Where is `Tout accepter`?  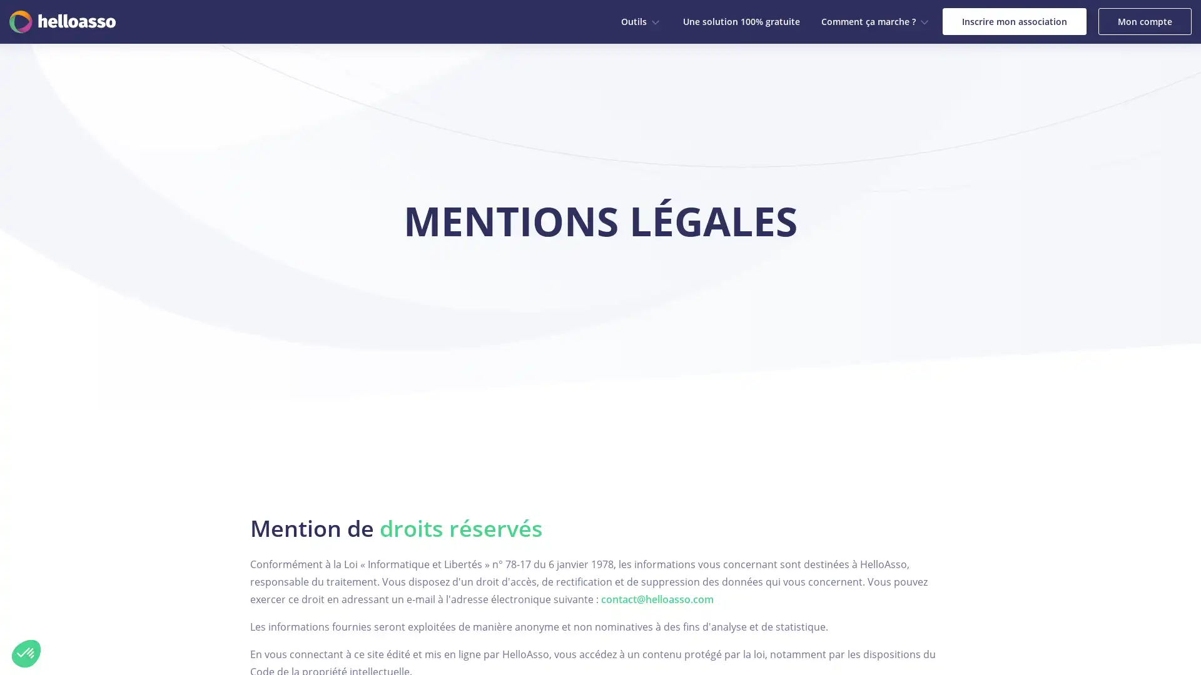 Tout accepter is located at coordinates (231, 611).